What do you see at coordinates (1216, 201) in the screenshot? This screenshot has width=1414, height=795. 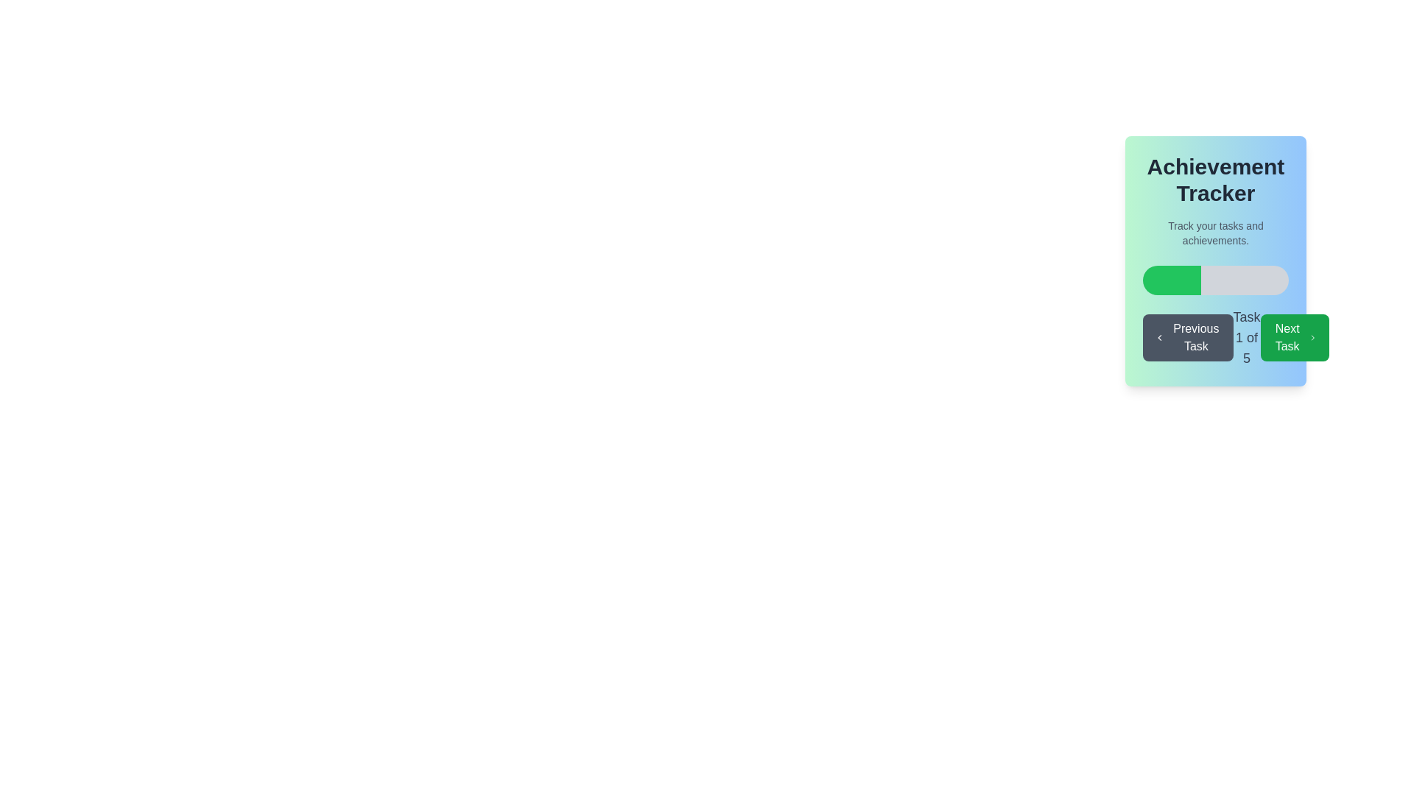 I see `the Header element displaying the title 'Achievement Tracker' and subtitle 'Track your tasks and achievements.'` at bounding box center [1216, 201].